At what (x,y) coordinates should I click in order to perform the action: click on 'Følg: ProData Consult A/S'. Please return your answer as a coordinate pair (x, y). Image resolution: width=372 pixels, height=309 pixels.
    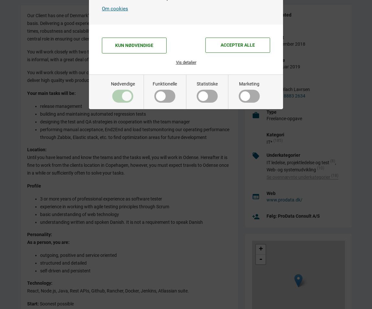
    Looking at the image, I should click on (293, 215).